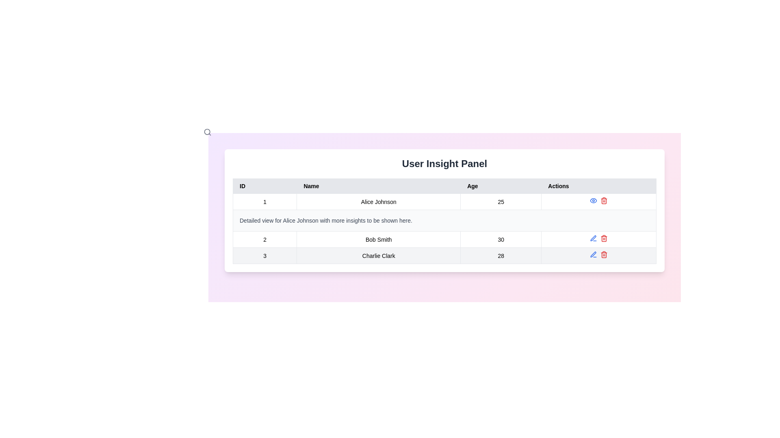  Describe the element at coordinates (599, 201) in the screenshot. I see `the red trash bin icon located in the 'Actions' column of the first row of the table for 'Alice Johnson'` at that location.